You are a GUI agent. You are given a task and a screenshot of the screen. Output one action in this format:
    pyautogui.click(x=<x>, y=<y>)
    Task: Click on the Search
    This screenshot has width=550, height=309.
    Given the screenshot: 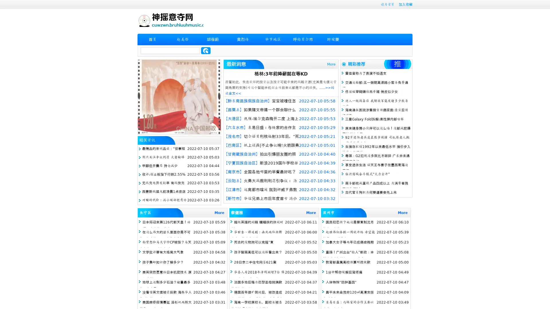 What is the action you would take?
    pyautogui.click(x=206, y=50)
    